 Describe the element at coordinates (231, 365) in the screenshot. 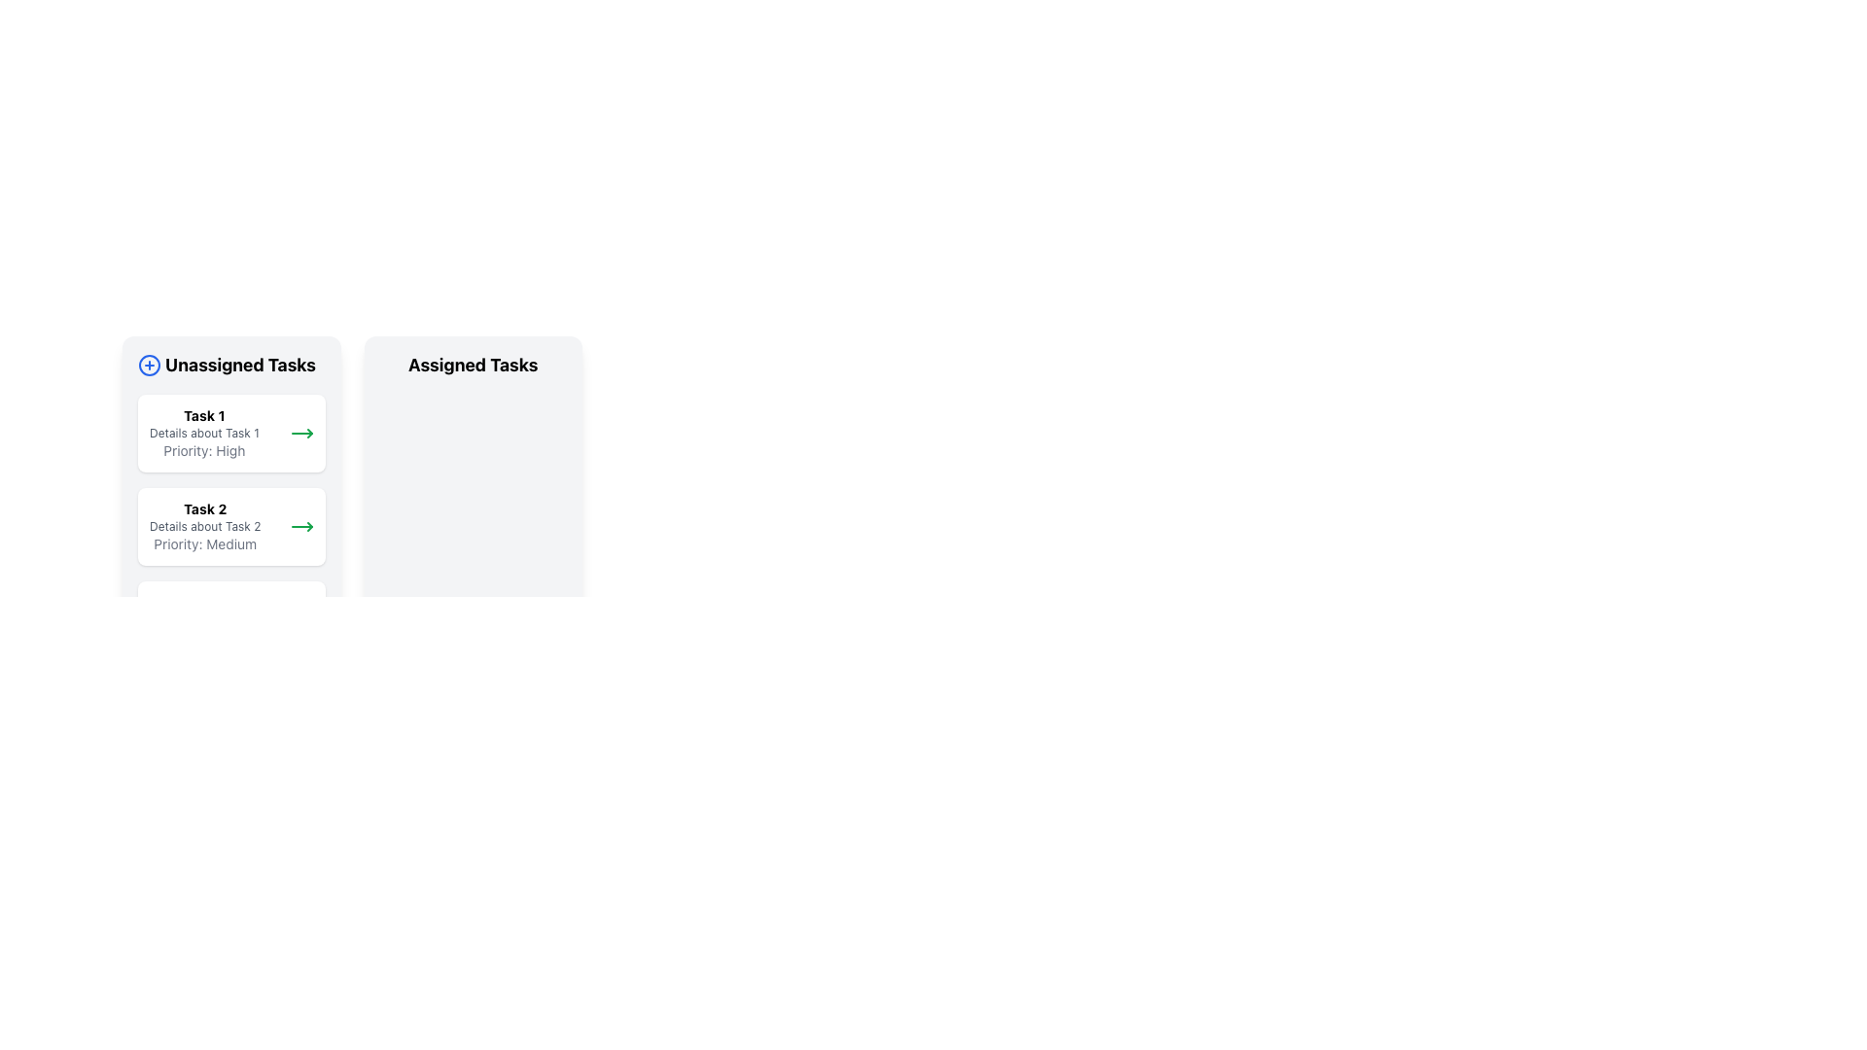

I see `text of the 'Unassigned Tasks' header, which is styled with bold and large font and is accompanied by a circular blue 'plus' icon` at that location.